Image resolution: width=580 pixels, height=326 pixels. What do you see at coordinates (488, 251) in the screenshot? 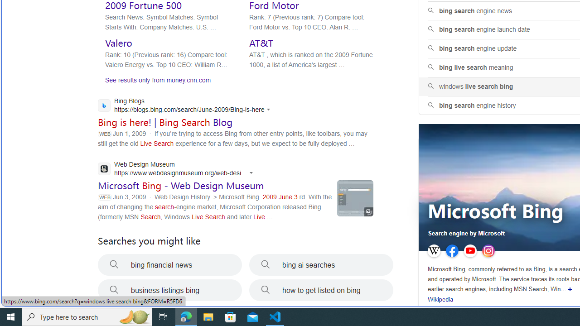
I see `'Instagram'` at bounding box center [488, 251].